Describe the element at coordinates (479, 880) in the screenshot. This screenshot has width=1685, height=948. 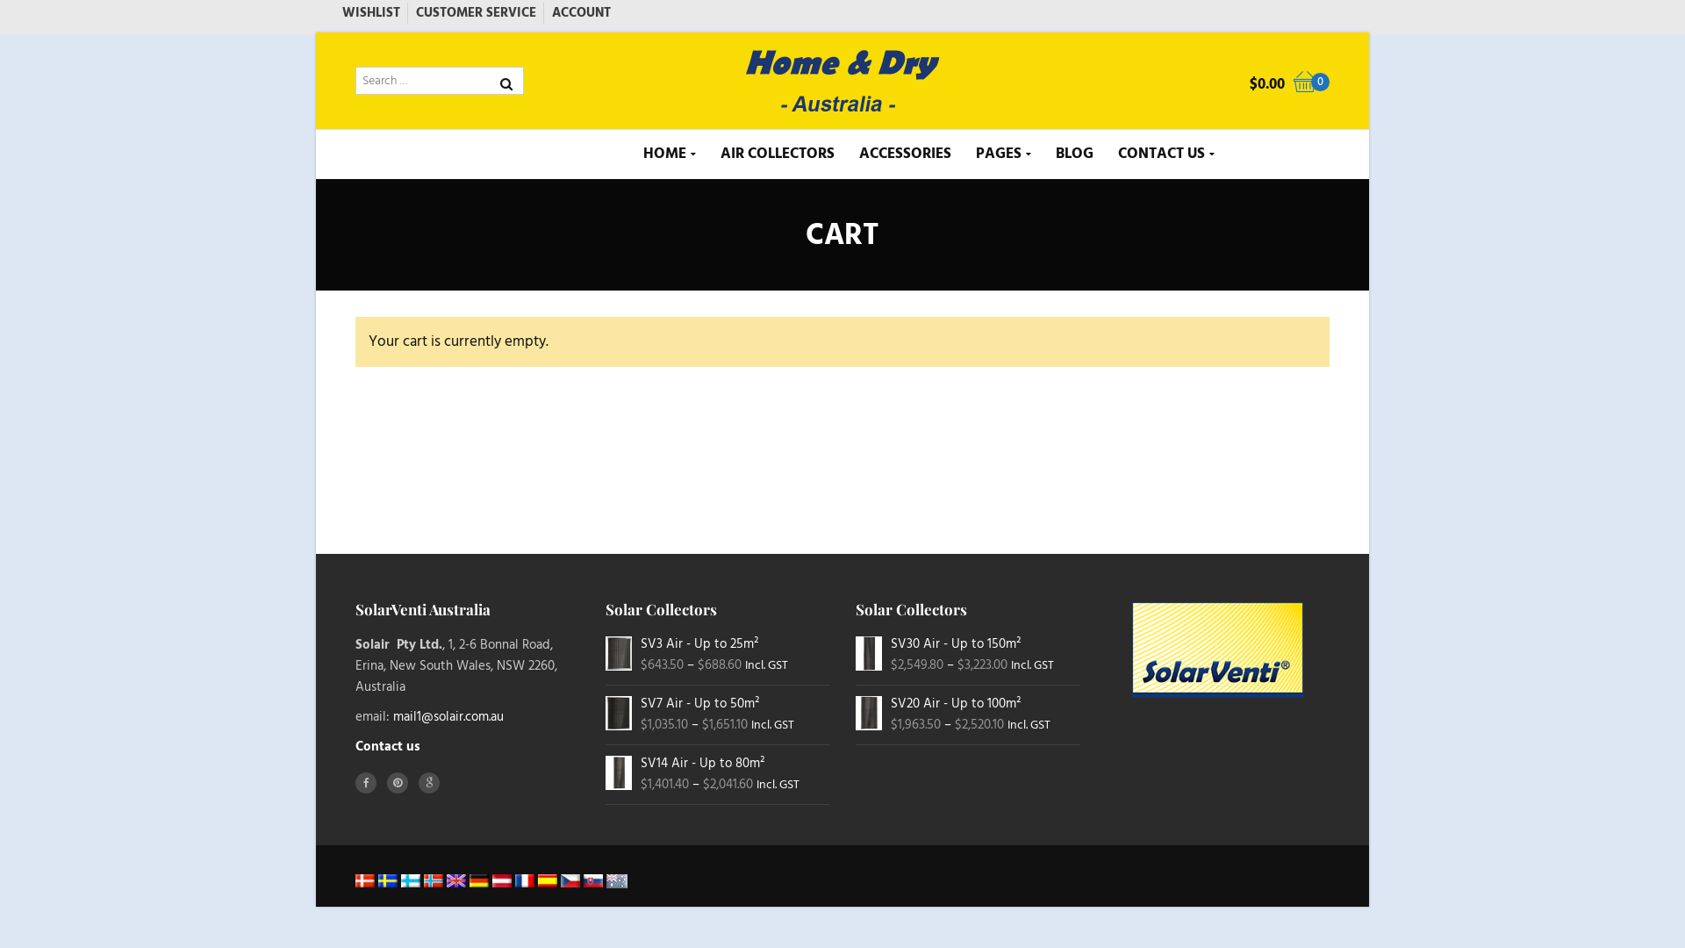
I see `'Deutschland'` at that location.